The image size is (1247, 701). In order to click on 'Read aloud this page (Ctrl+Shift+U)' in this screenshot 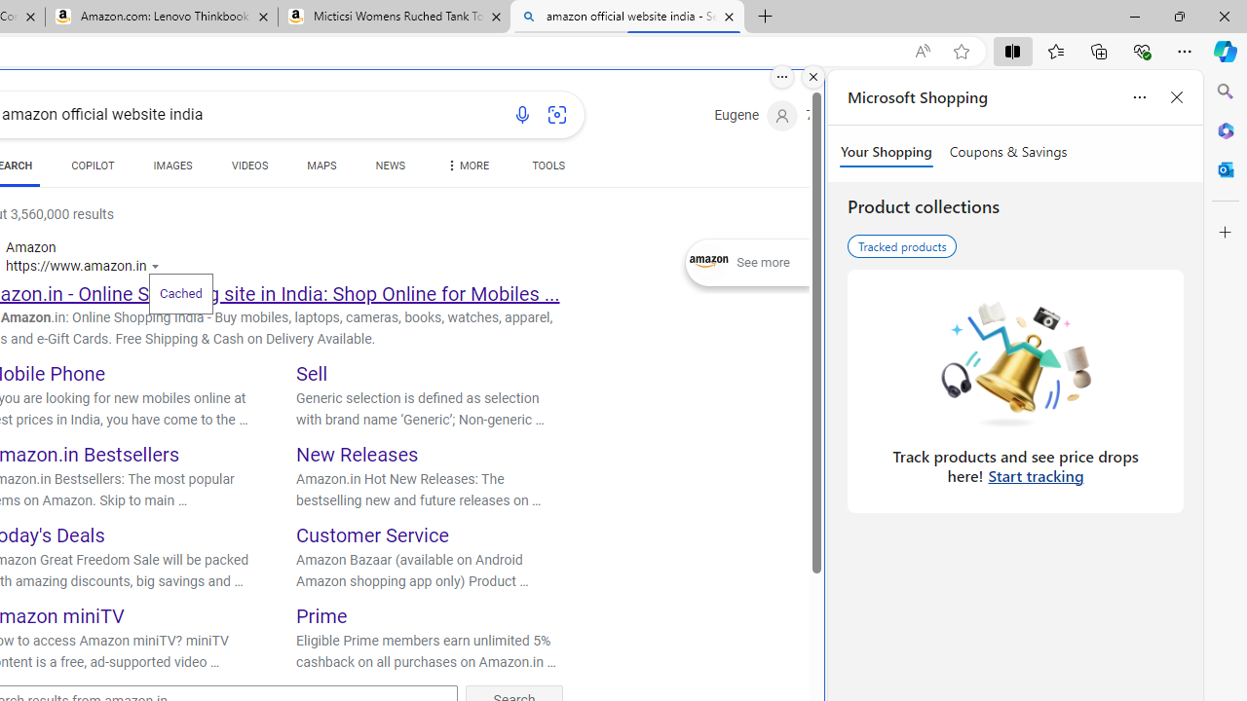, I will do `click(921, 51)`.